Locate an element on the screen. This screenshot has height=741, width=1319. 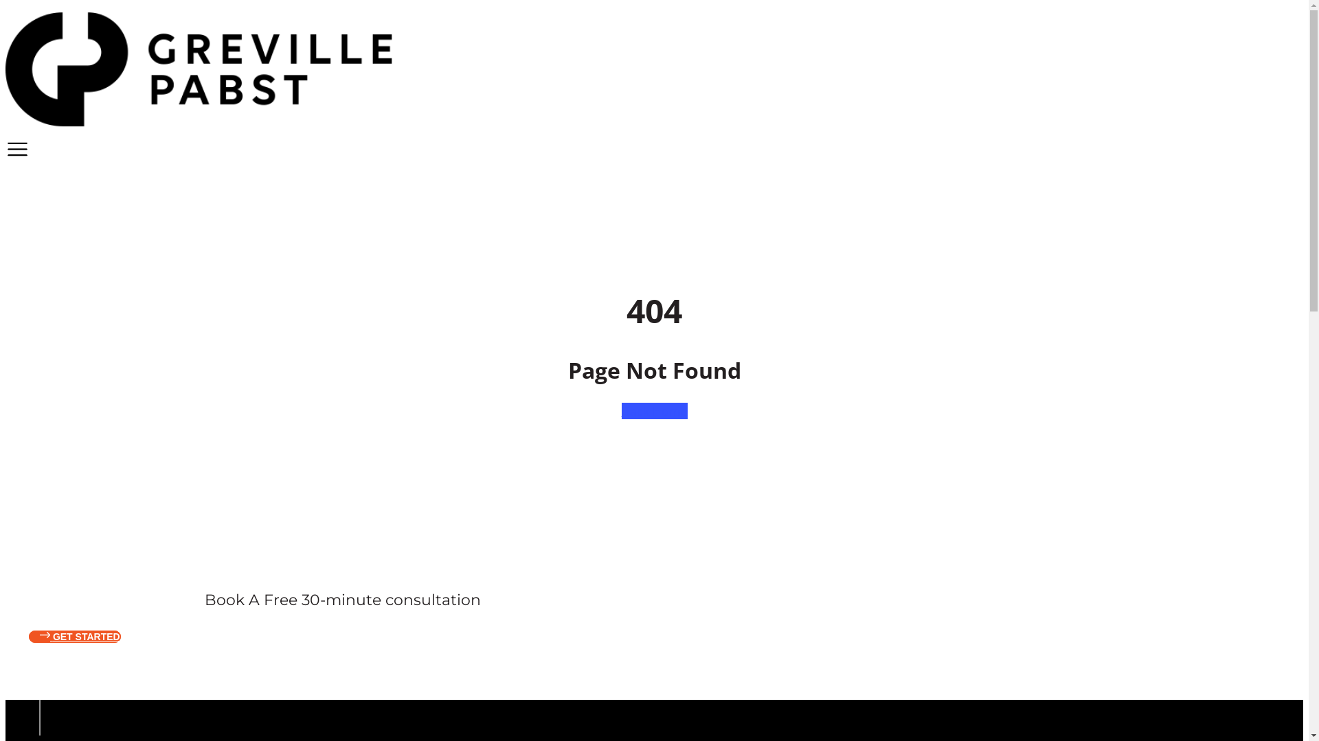
'Back Home' is located at coordinates (620, 410).